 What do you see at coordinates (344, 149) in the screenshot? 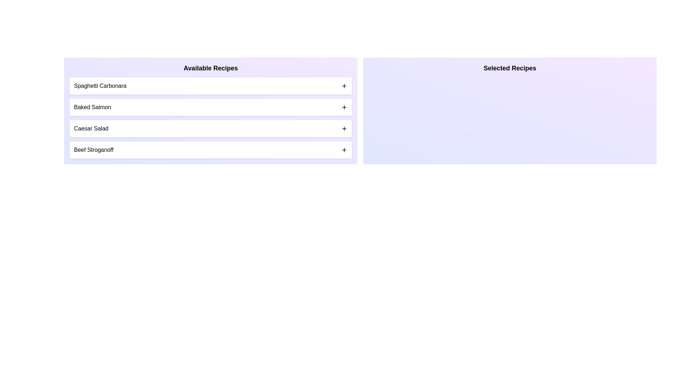
I see `'+' button next to Beef Stroganoff to add it to the selected list` at bounding box center [344, 149].